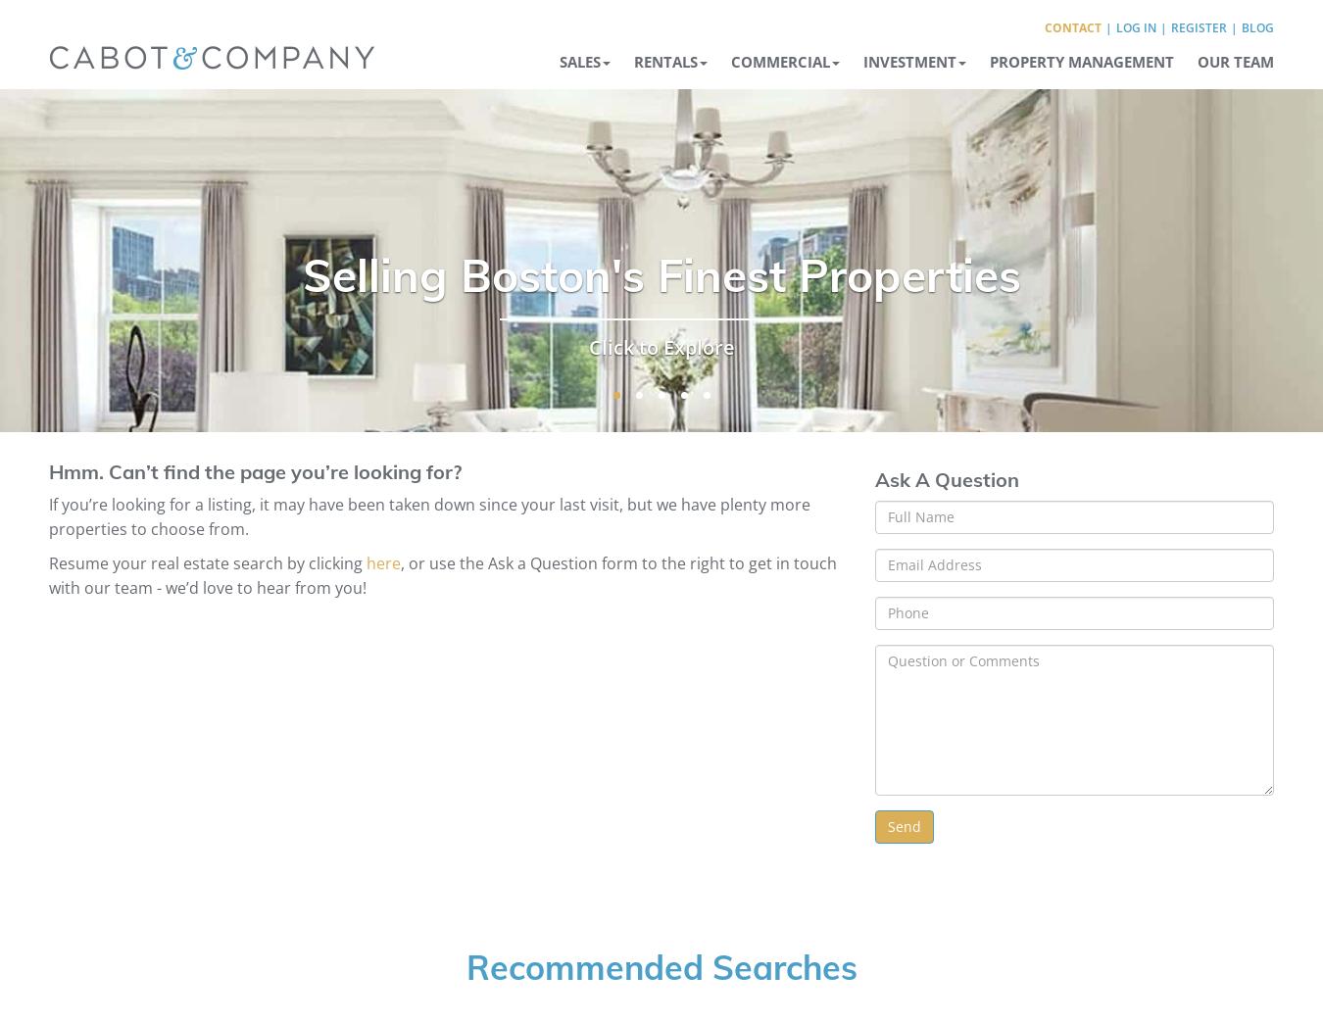 This screenshot has height=1023, width=1323. Describe the element at coordinates (875, 478) in the screenshot. I see `'Ask A Question'` at that location.